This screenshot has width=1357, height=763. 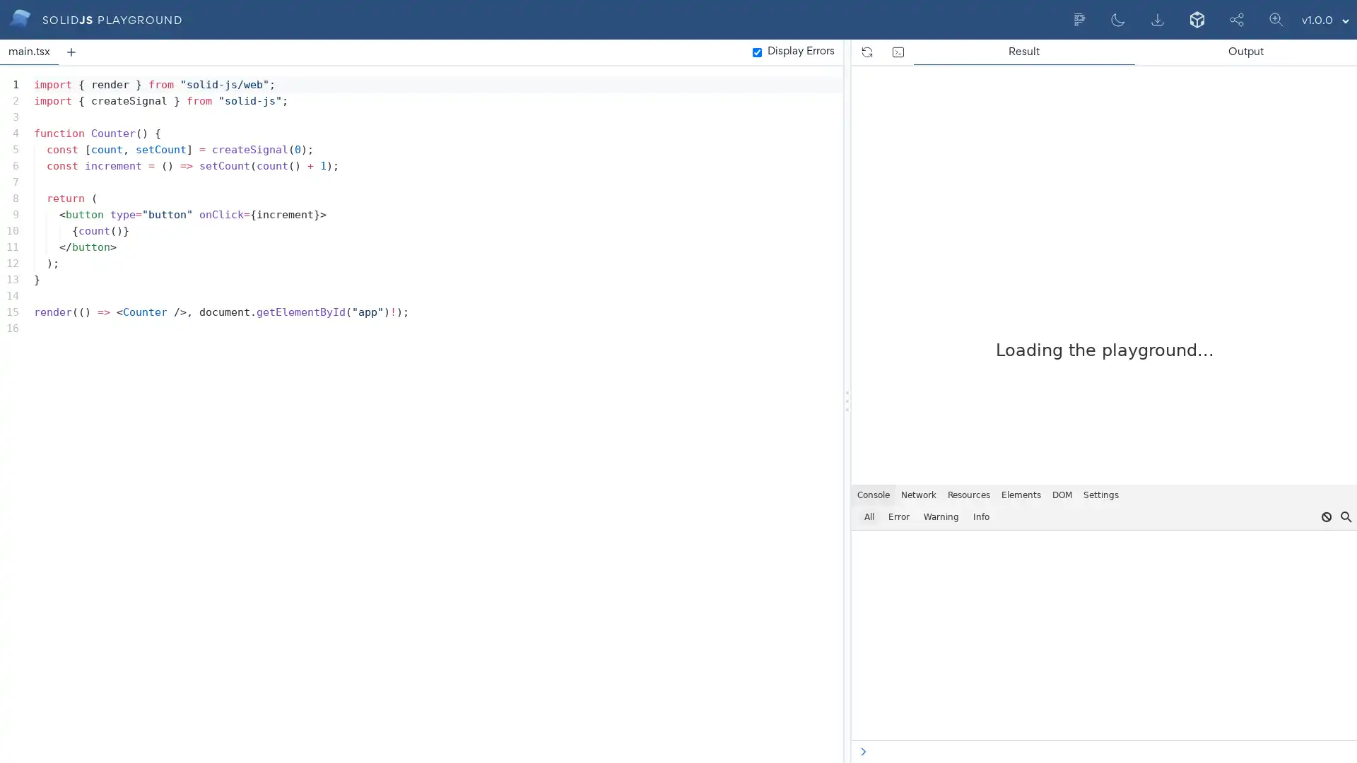 I want to click on Export to CodeSandbox, so click(x=1197, y=19).